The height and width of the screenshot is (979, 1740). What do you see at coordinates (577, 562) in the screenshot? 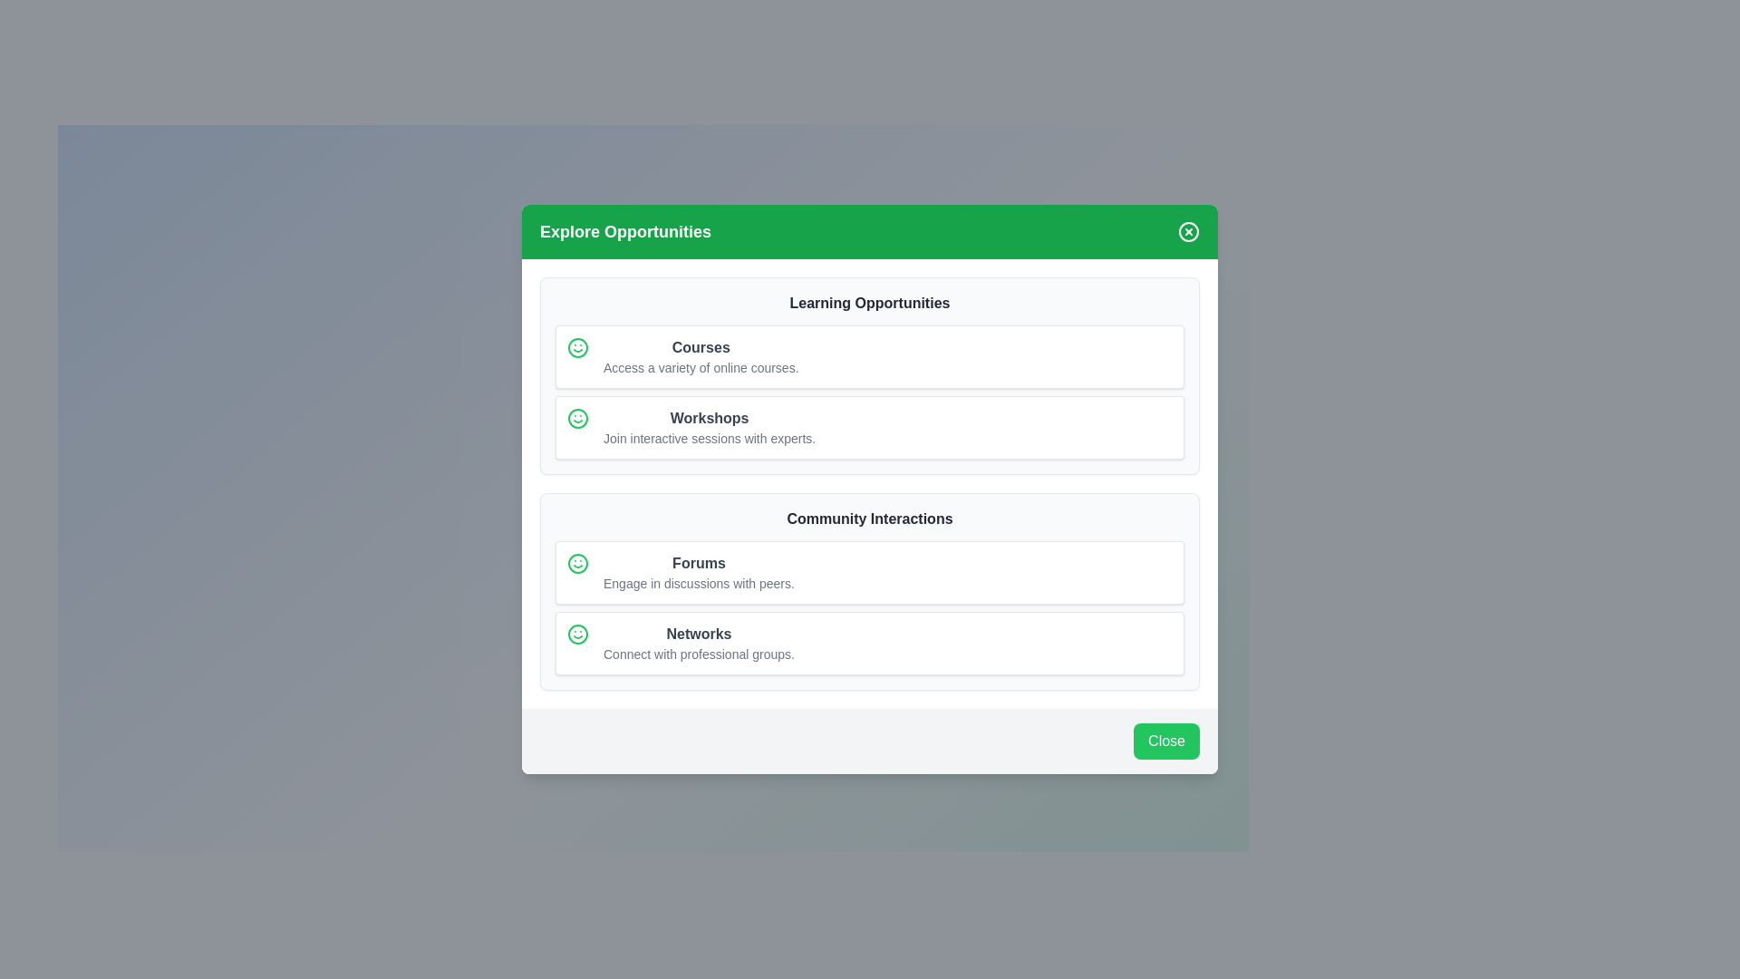
I see `the green smiley face icon located to the left of the 'Forums' title text in the 'Community Interactions' section` at bounding box center [577, 562].